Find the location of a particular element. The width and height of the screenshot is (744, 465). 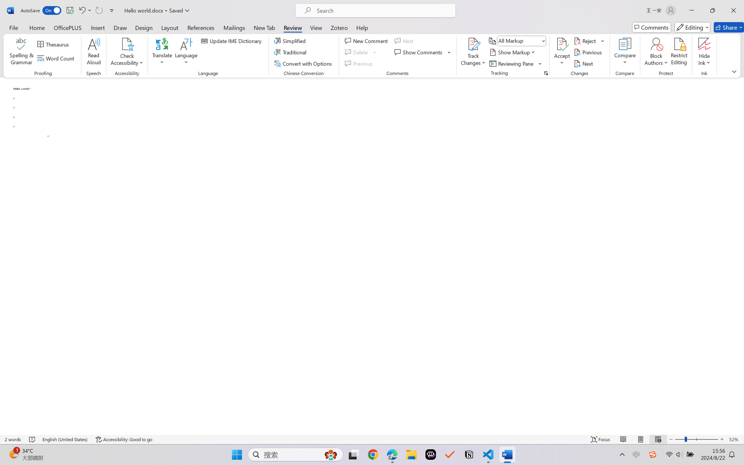

'Accessibility Checker Accessibility: Good to go' is located at coordinates (124, 439).